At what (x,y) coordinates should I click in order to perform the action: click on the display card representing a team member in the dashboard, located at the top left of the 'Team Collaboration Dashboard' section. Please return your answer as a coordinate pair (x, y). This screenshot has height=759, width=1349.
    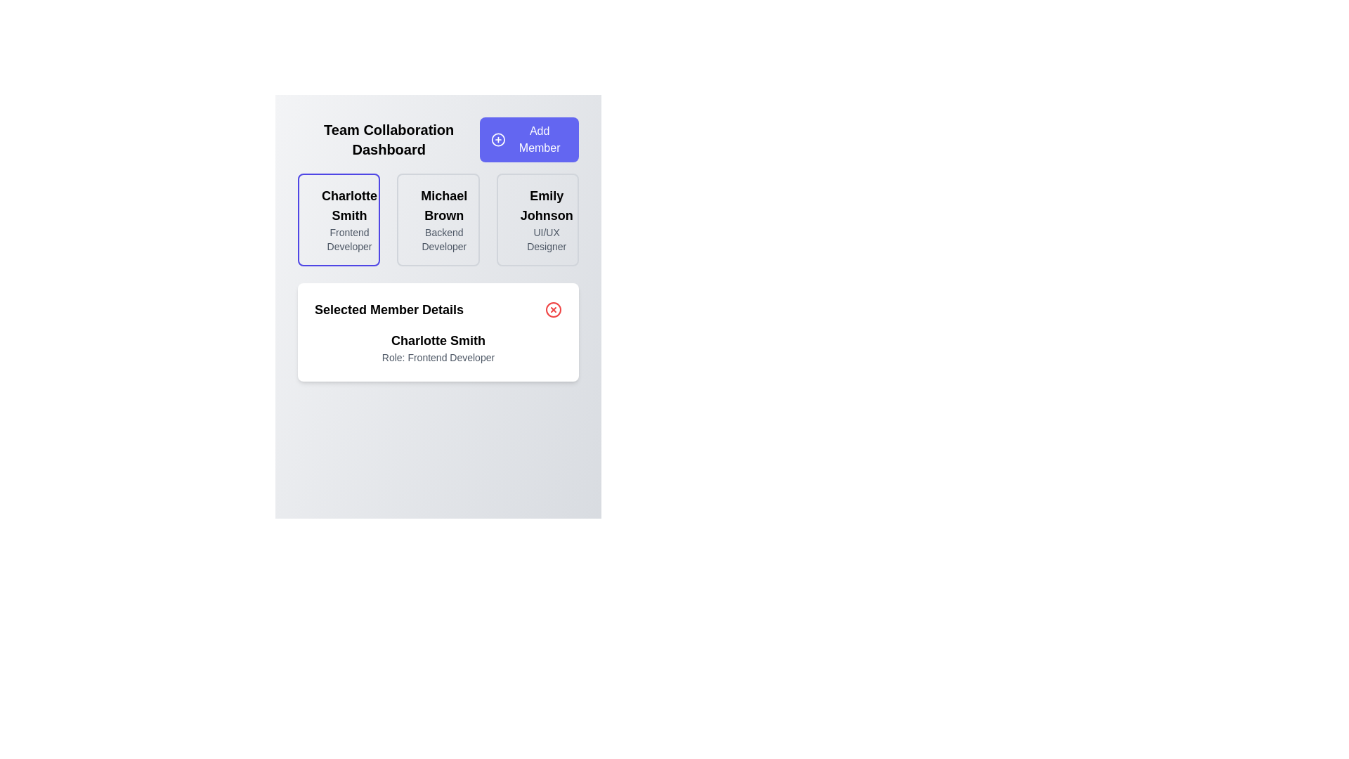
    Looking at the image, I should click on (349, 219).